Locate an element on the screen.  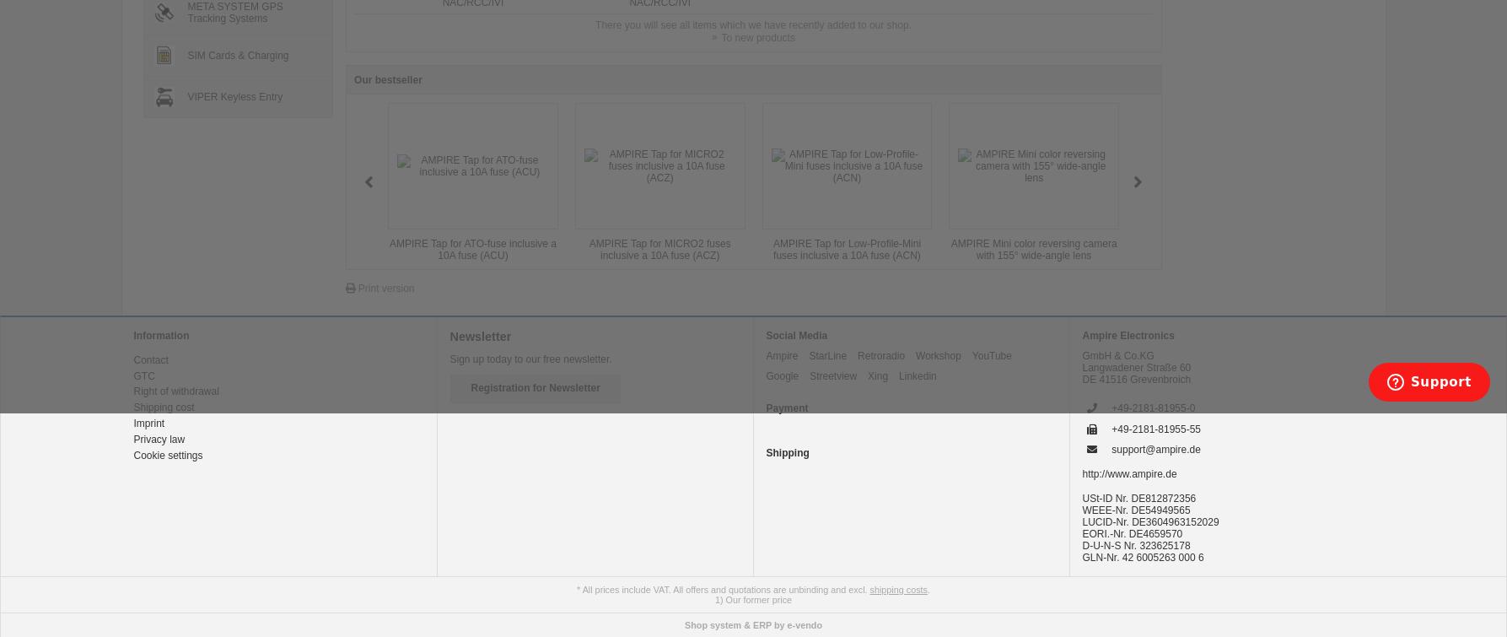
'Retroradio' is located at coordinates (880, 354).